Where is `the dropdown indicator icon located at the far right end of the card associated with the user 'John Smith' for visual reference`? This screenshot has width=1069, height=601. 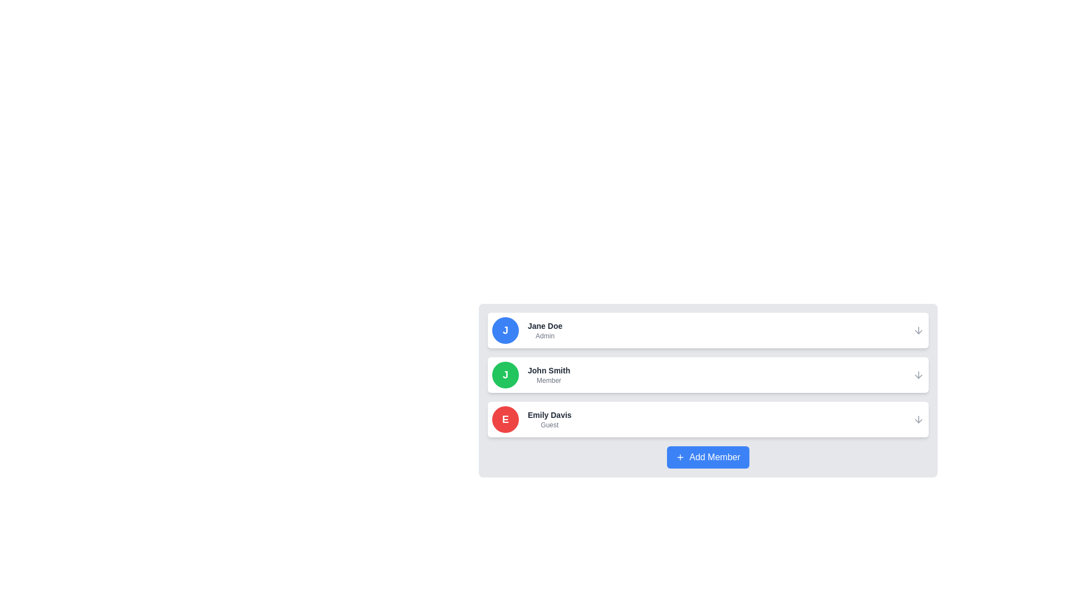
the dropdown indicator icon located at the far right end of the card associated with the user 'John Smith' for visual reference is located at coordinates (919, 375).